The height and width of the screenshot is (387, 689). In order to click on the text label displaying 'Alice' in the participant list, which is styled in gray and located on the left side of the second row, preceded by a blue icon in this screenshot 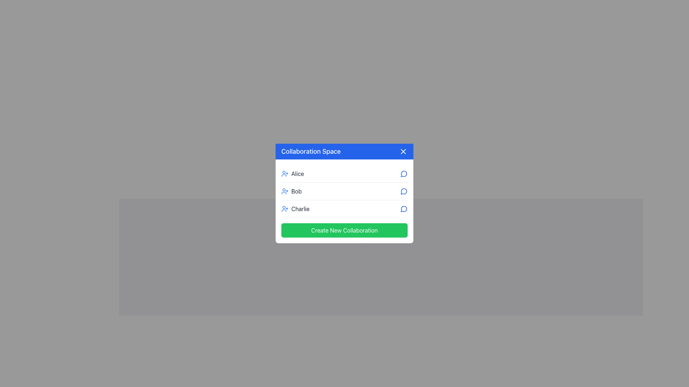, I will do `click(297, 174)`.